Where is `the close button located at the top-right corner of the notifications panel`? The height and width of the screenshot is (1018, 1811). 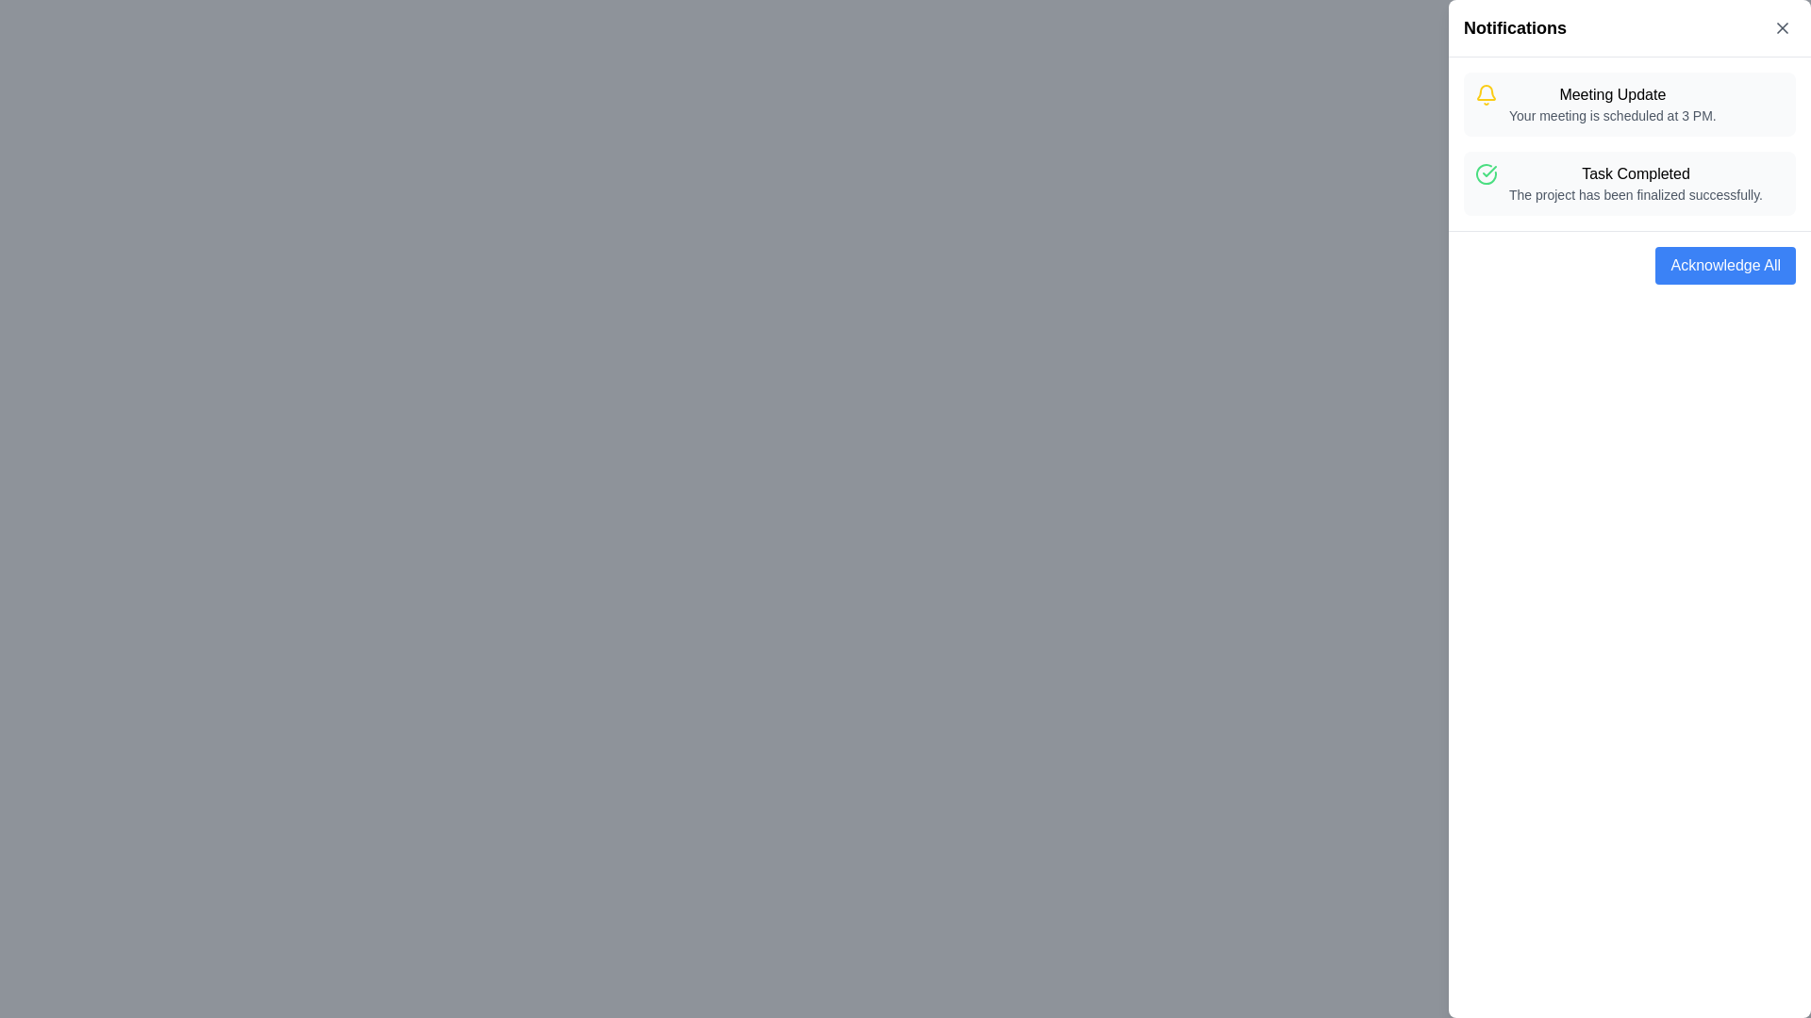
the close button located at the top-right corner of the notifications panel is located at coordinates (1782, 28).